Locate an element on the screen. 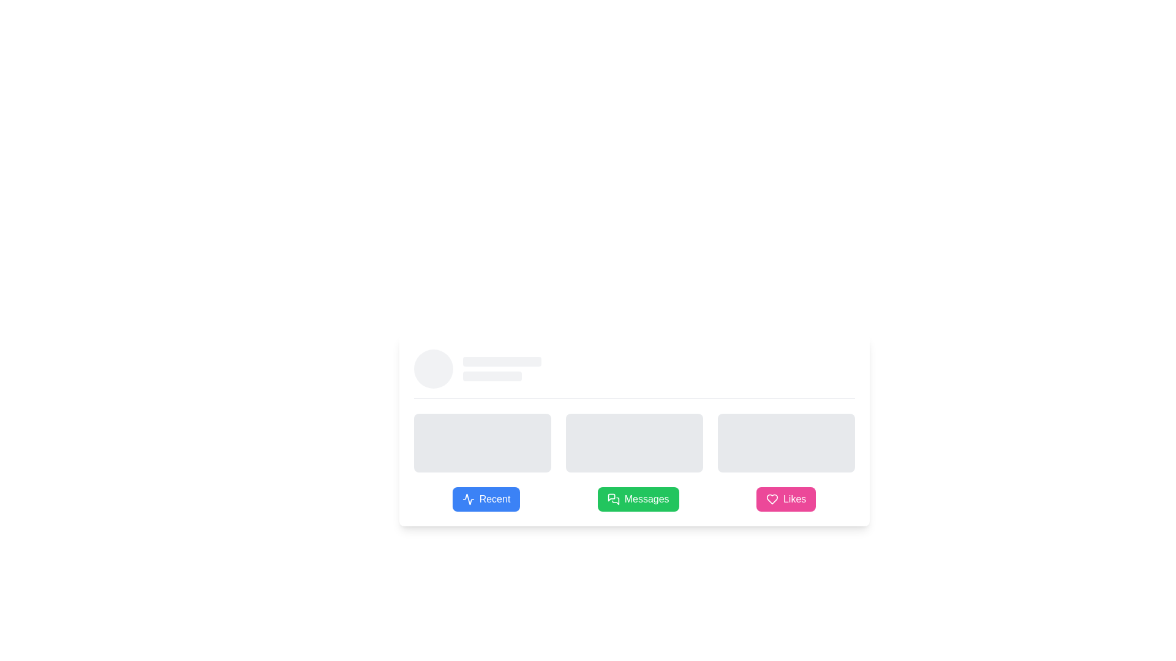  the 'Messages' SVG Icon, which is part of a green button and located to the left of the text label is located at coordinates (613, 499).